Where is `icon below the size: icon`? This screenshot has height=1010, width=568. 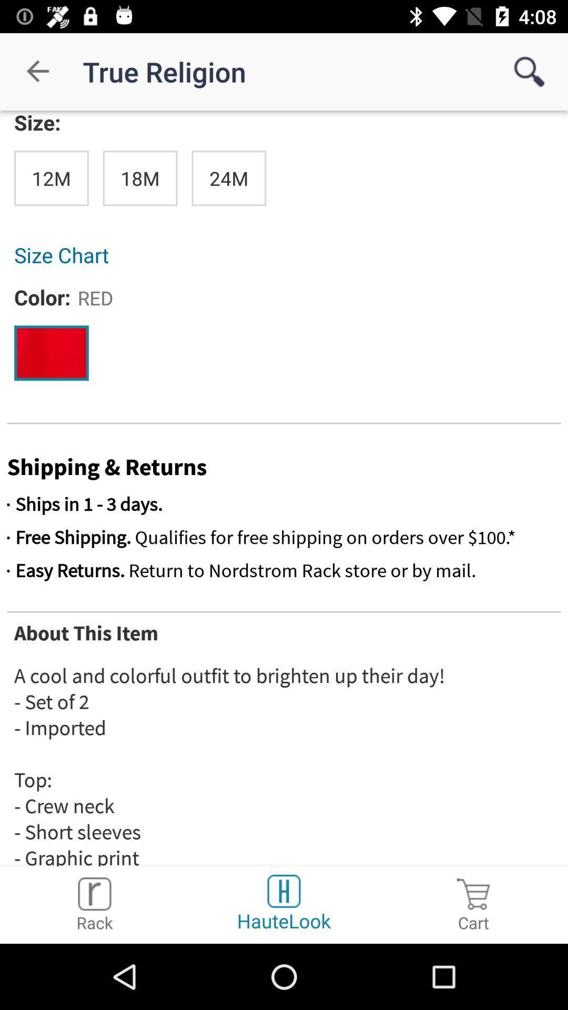
icon below the size: icon is located at coordinates (51, 178).